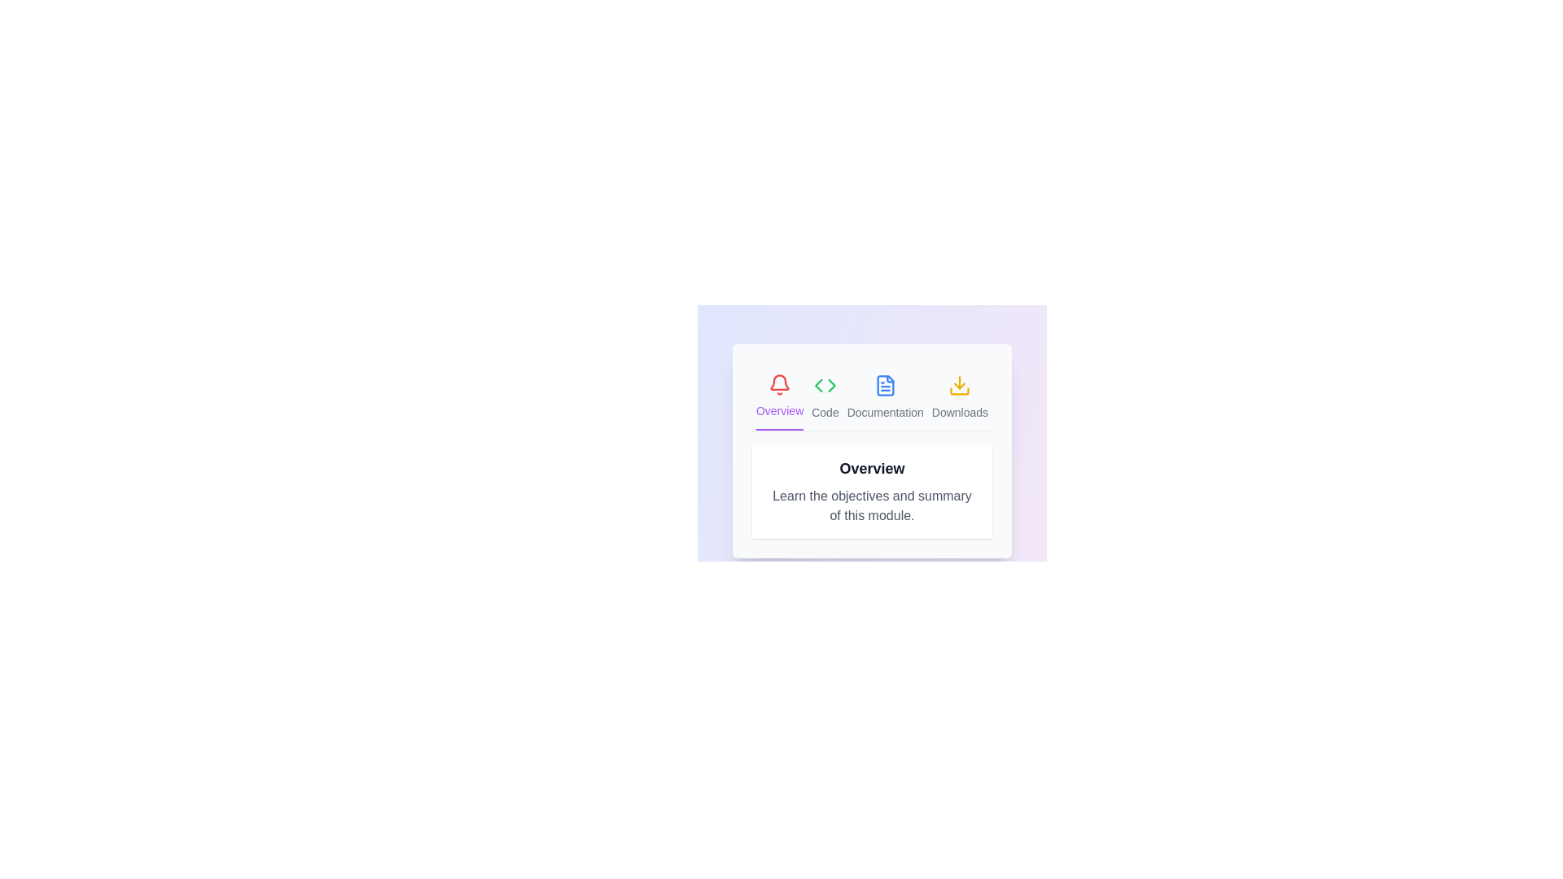 The image size is (1563, 879). What do you see at coordinates (825, 397) in the screenshot?
I see `the icon of the Code tab to activate it` at bounding box center [825, 397].